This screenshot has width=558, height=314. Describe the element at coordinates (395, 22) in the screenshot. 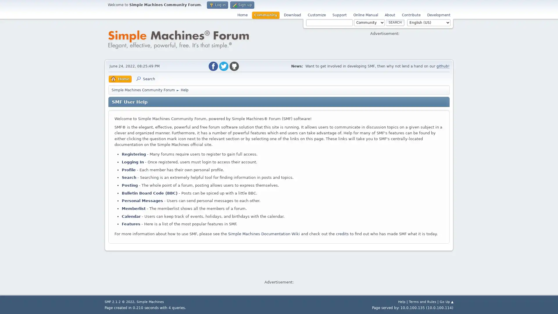

I see `SEARCH` at that location.